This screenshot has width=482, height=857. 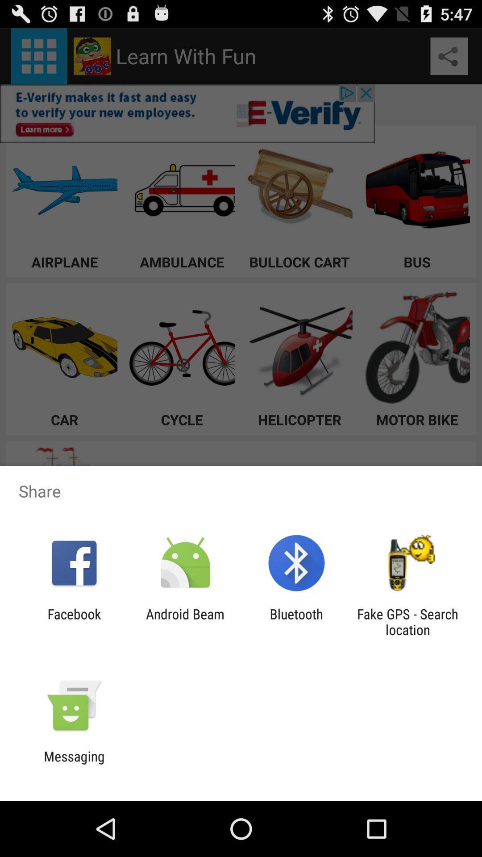 I want to click on app next to bluetooth icon, so click(x=407, y=621).